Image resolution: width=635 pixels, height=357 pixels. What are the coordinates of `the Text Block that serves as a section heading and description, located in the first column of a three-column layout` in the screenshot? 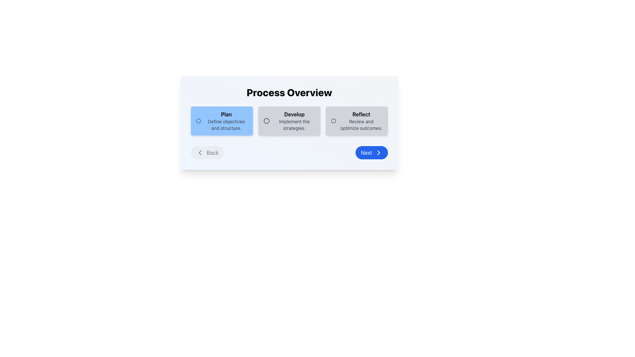 It's located at (226, 121).